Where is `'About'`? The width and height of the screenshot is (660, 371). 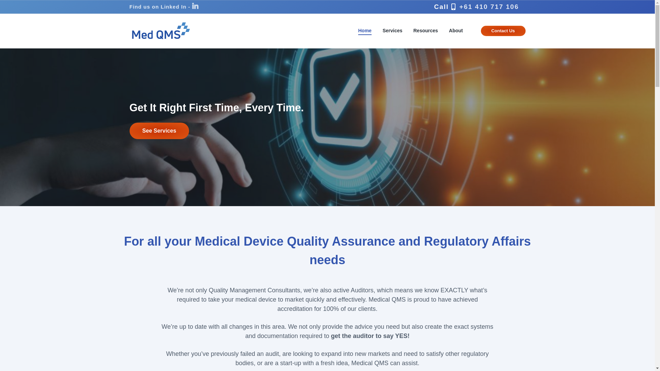 'About' is located at coordinates (455, 30).